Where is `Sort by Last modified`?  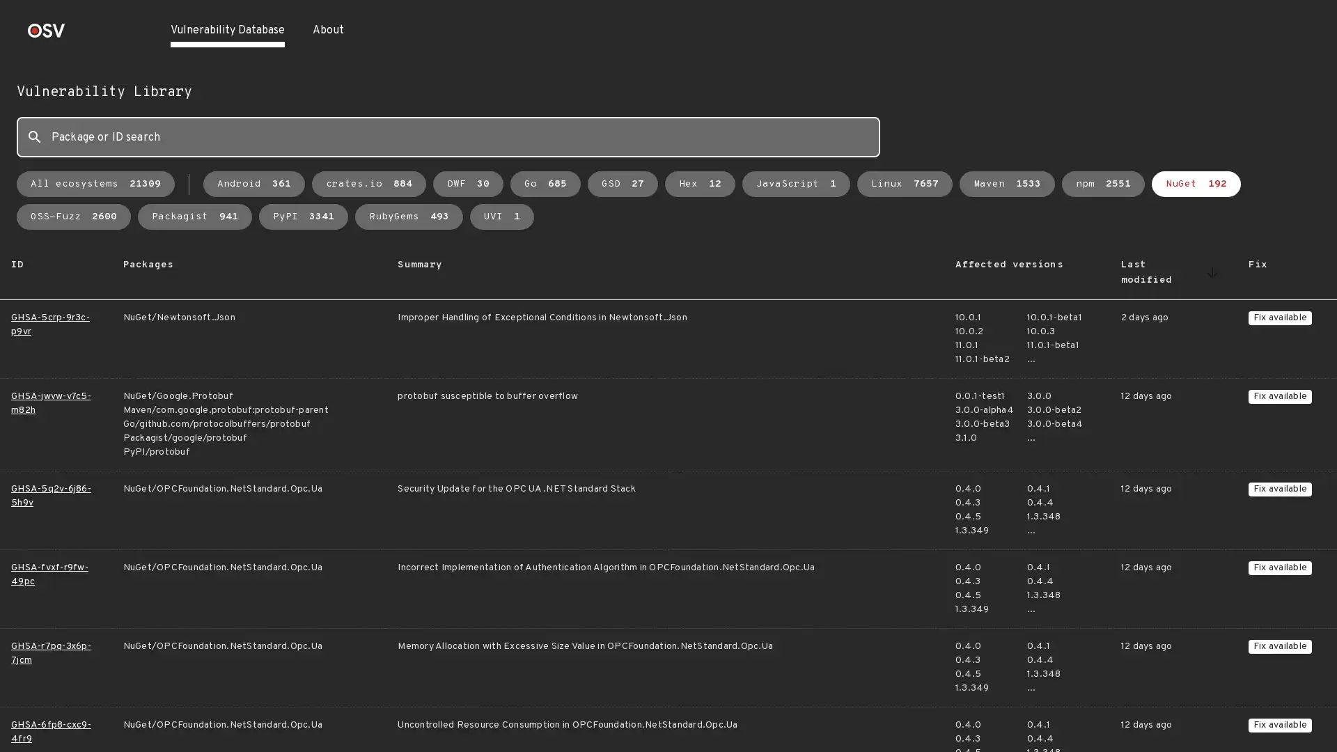 Sort by Last modified is located at coordinates (1210, 273).